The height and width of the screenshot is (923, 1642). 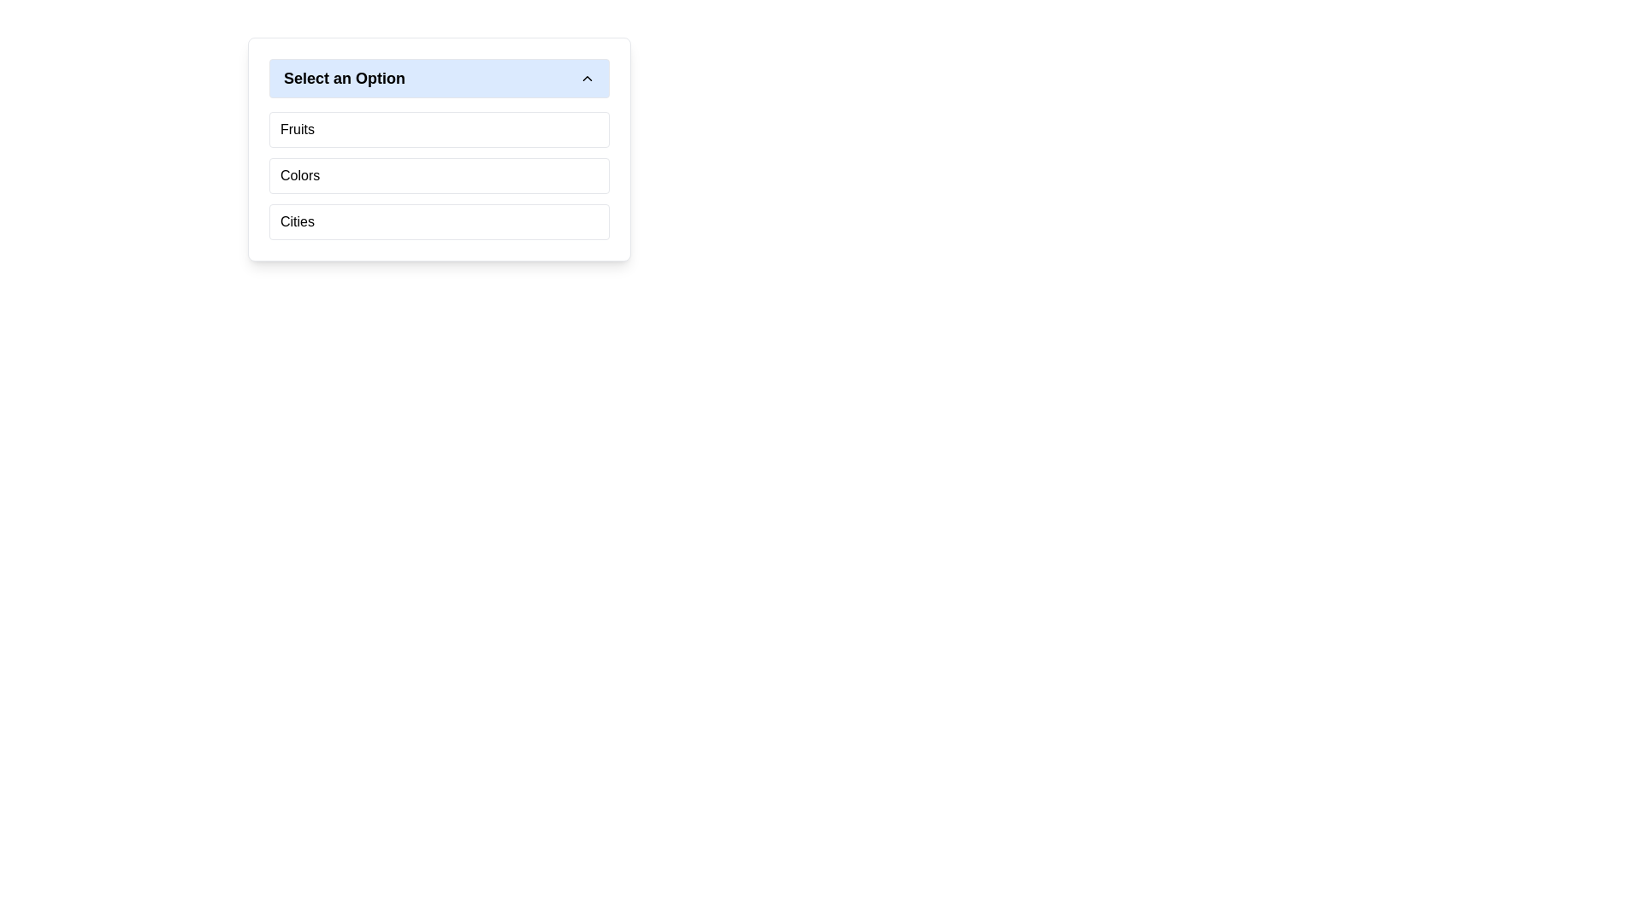 I want to click on the bold text label 'Select an Option' located at the top of the dropdown menu, which is styled in a larger font and has a light blue background, so click(x=344, y=79).